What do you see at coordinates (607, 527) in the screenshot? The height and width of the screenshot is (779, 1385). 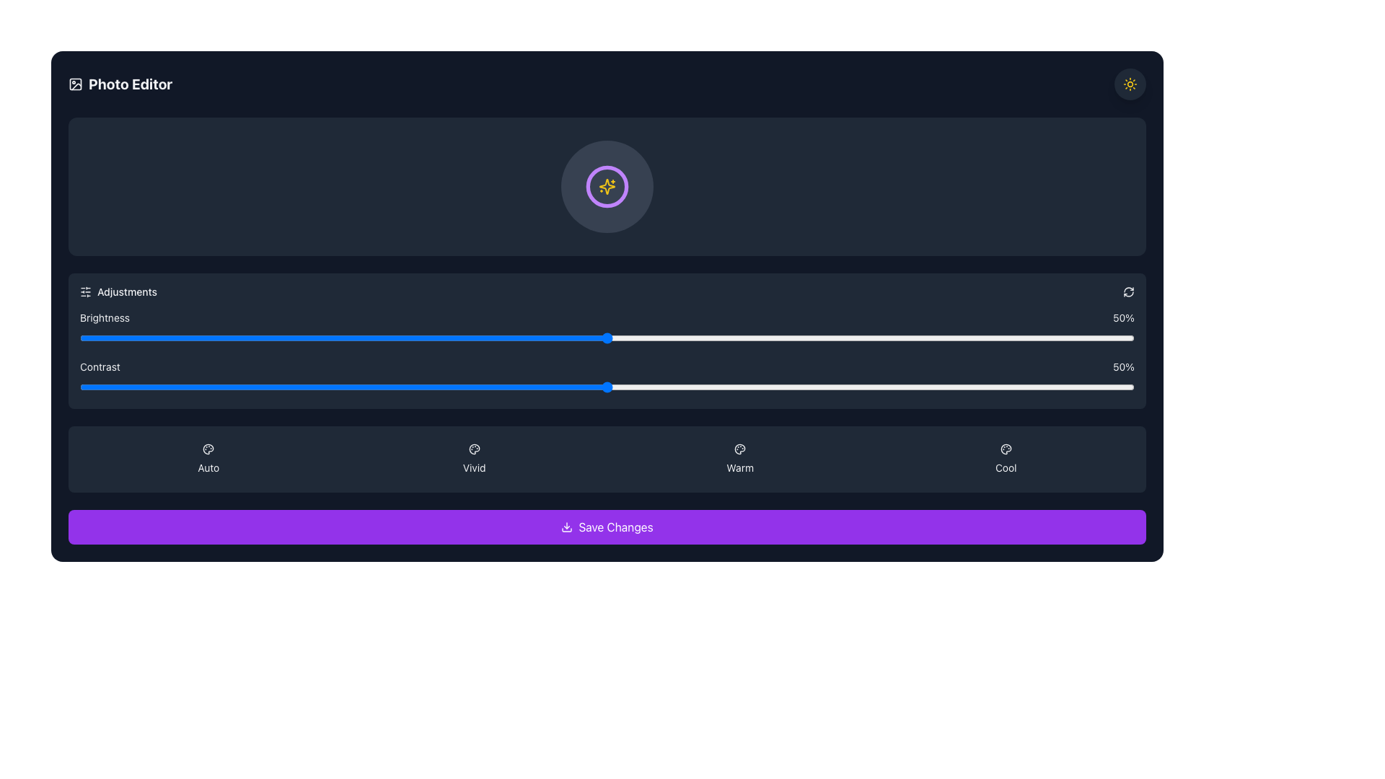 I see `the 'Save Changes' button, which is a horizontally elongated button with a purple background and white text, located at the bottom of the adjustment tools section` at bounding box center [607, 527].